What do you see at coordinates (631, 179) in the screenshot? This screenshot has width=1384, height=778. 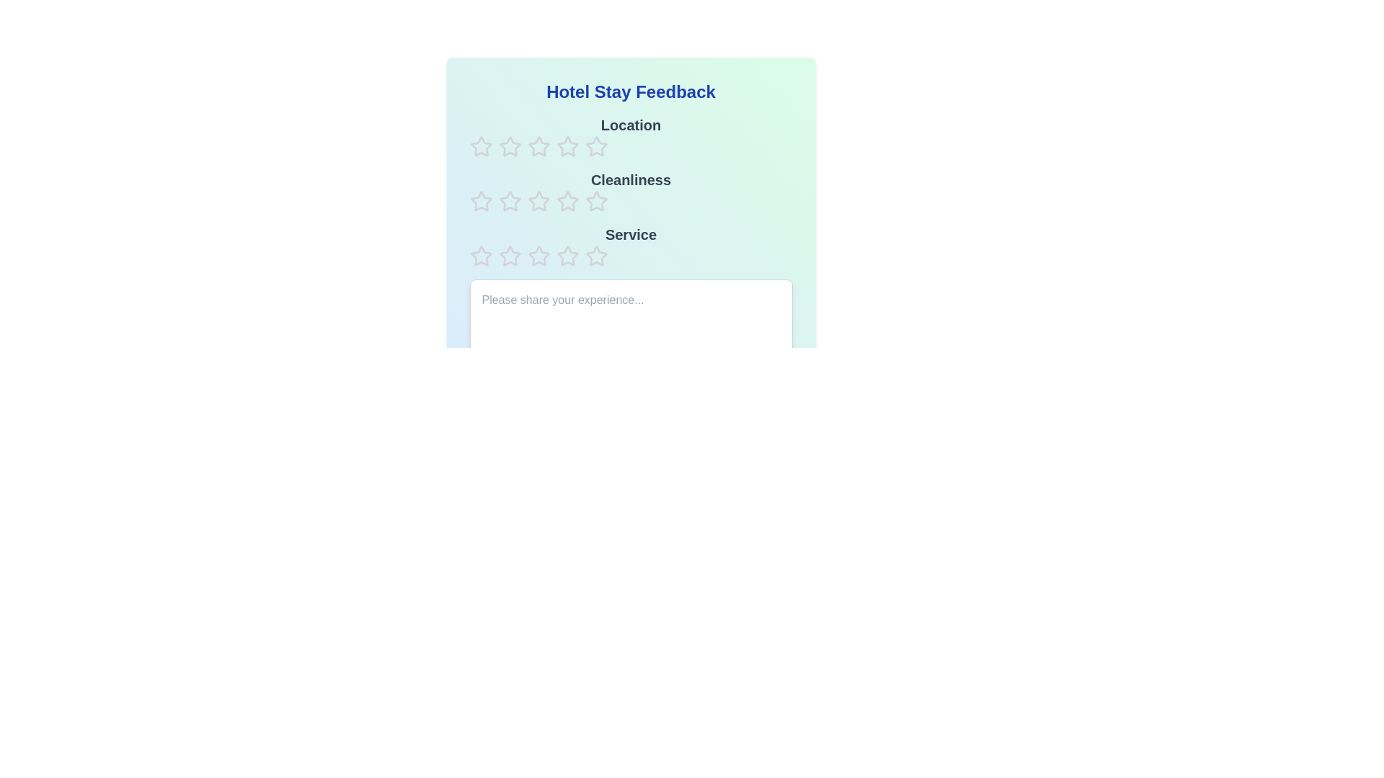 I see `the 'Cleanliness' rating section header text label, which is positioned below the 'Location' section and above the 'Service' section in the middle of the feedback form` at bounding box center [631, 179].